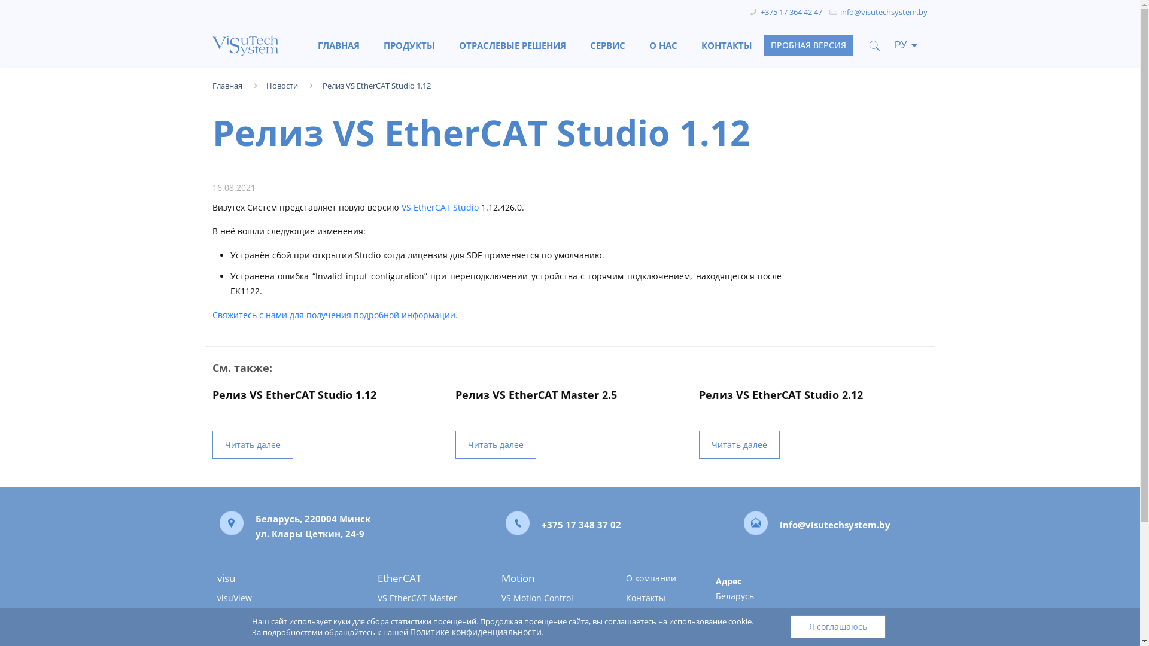 The image size is (1149, 646). Describe the element at coordinates (402, 206) in the screenshot. I see `'VS EtherCAT Studio'` at that location.